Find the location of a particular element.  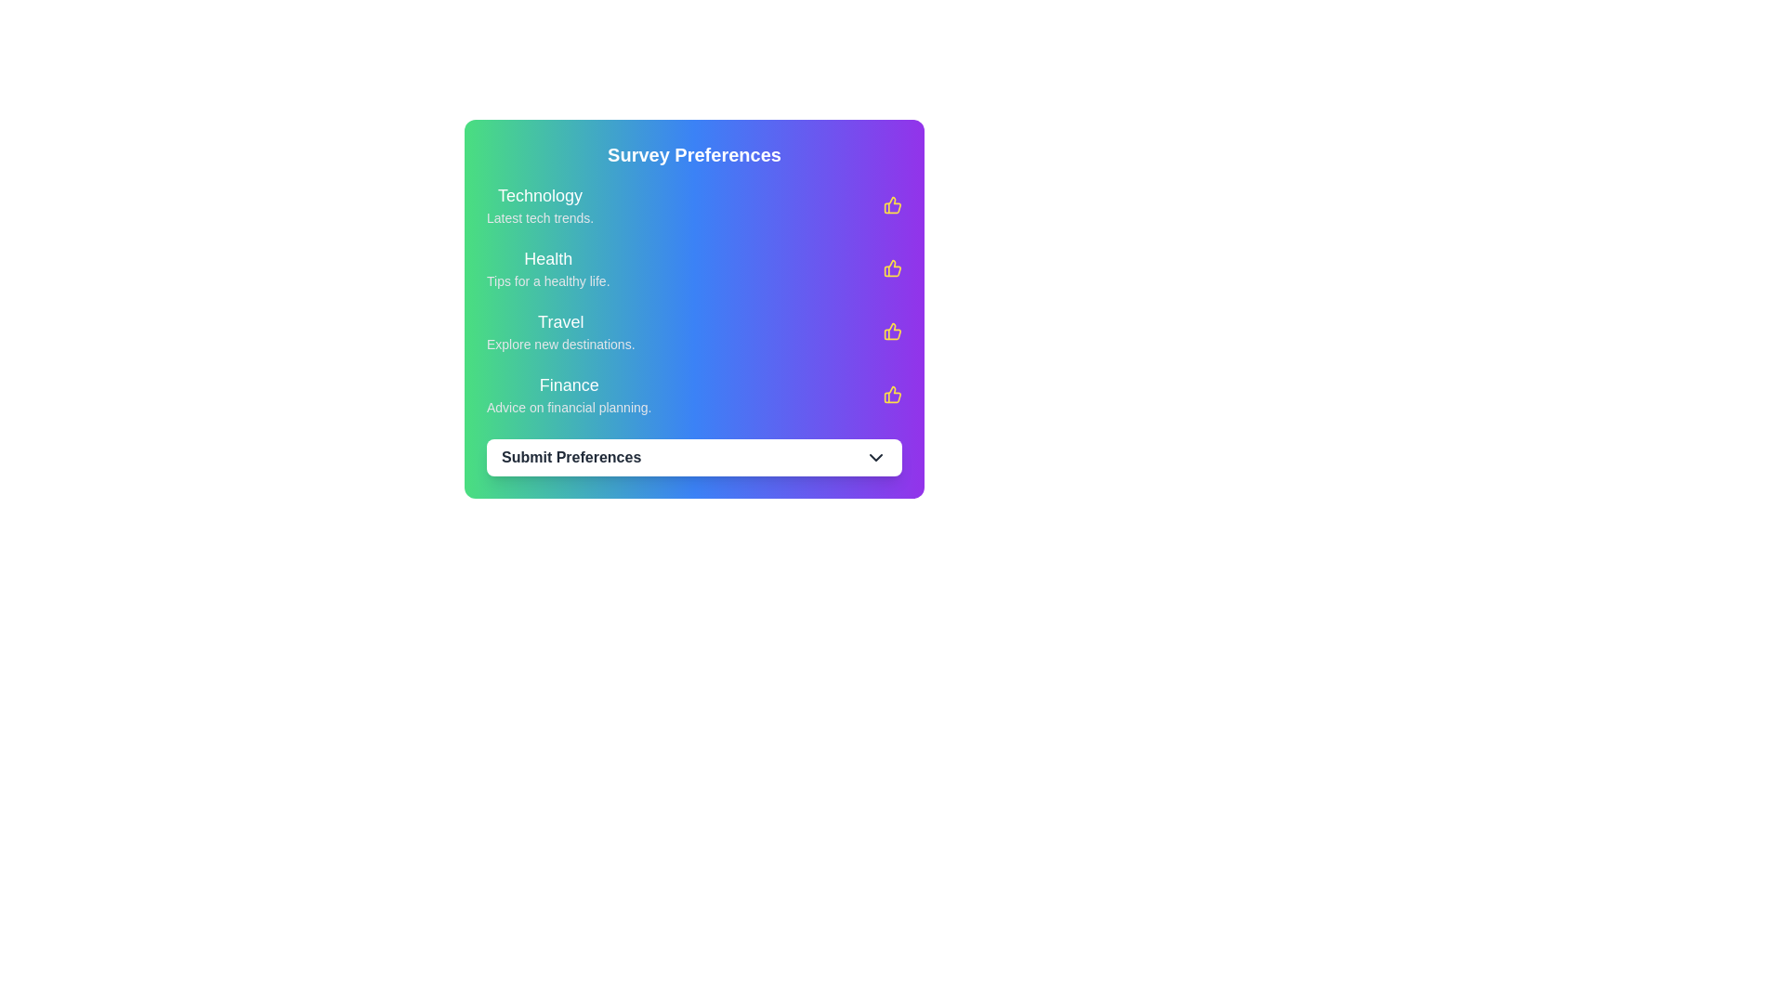

the Header text displaying 'Survey Preferences', which is a bold, large font component centered at the top of the survey section is located at coordinates (693, 153).